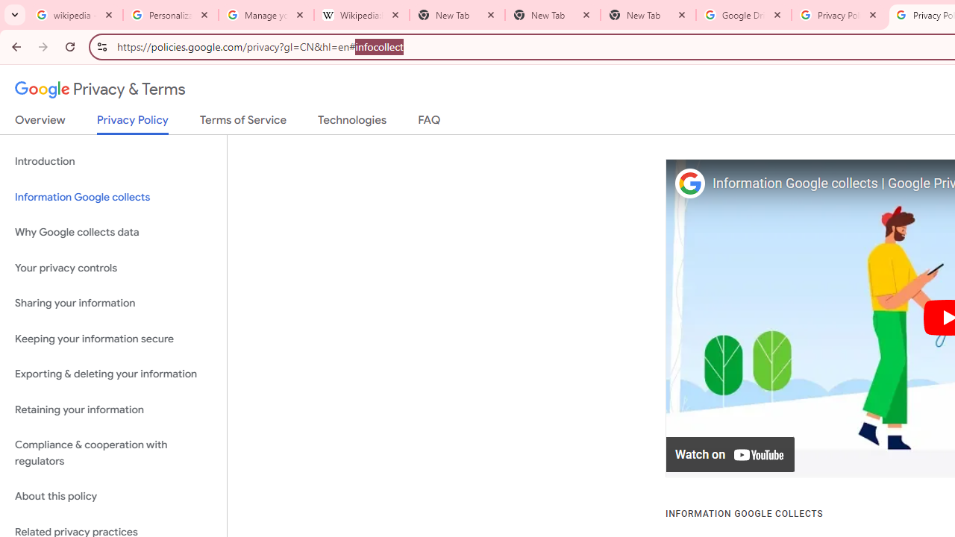 This screenshot has height=537, width=955. Describe the element at coordinates (113, 303) in the screenshot. I see `'Sharing your information'` at that location.